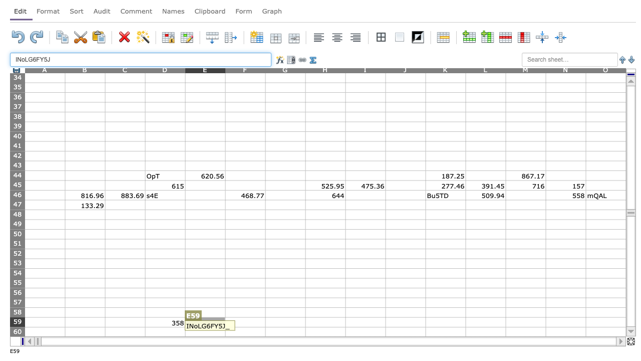 The image size is (641, 361). What do you see at coordinates (305, 327) in the screenshot?
I see `Place cursor on bottom right corner of G59` at bounding box center [305, 327].